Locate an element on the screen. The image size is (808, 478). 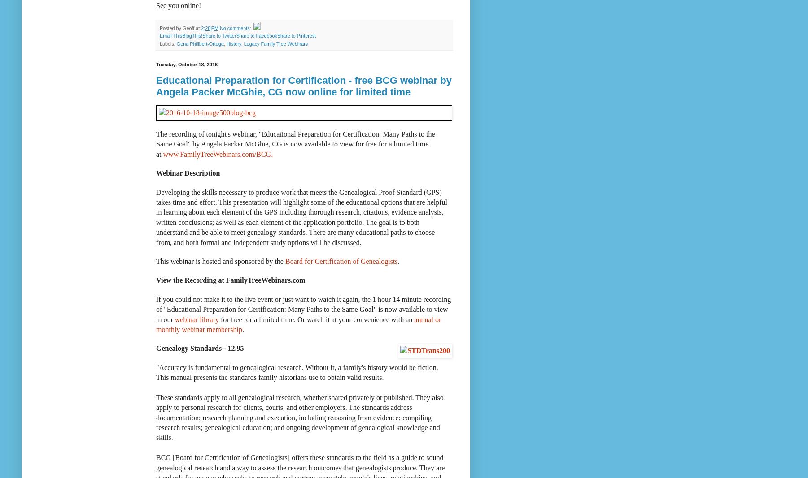
'Developing the skills necessary to produce work that meets the Genealogical Proof Standard (GPS) takes time and effort. This presentation will highlight some of the educational options that are helpful in learning about each element of the GPS including thorough research, citations, evidence analysis, written conclusions; as well as each element of the application portfolio. The goal is to both understand and be able to meet genealogy standards. There are many educational paths to choose from, and both formal and independent study options will be discussed.' is located at coordinates (301, 216).